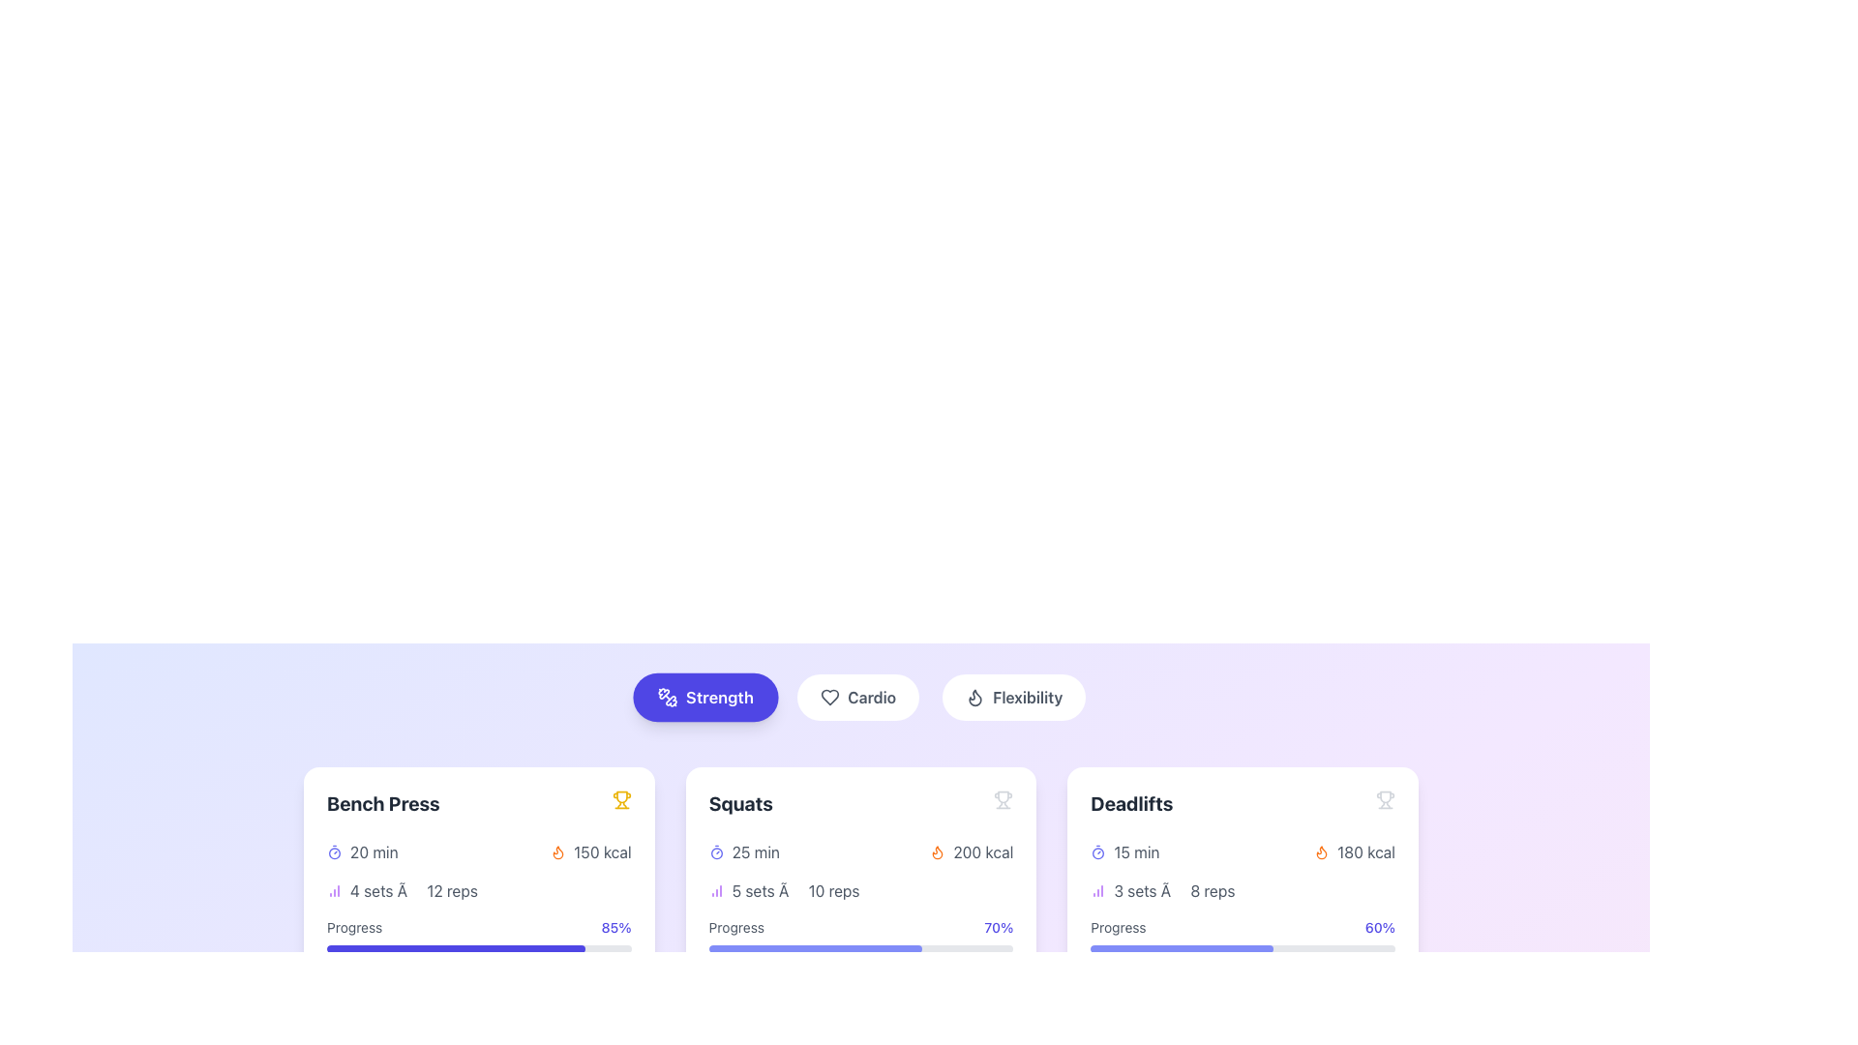 The height and width of the screenshot is (1045, 1858). What do you see at coordinates (1098, 891) in the screenshot?
I see `the icon representing analytical or progress-related information for the 'Deadlifts' activity, positioned at the far left of the 'Deadlifts' section, before the text '3 sets × 8 reps'` at bounding box center [1098, 891].